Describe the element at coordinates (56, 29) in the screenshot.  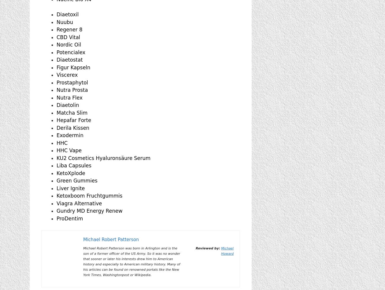
I see `'Regener 8'` at that location.